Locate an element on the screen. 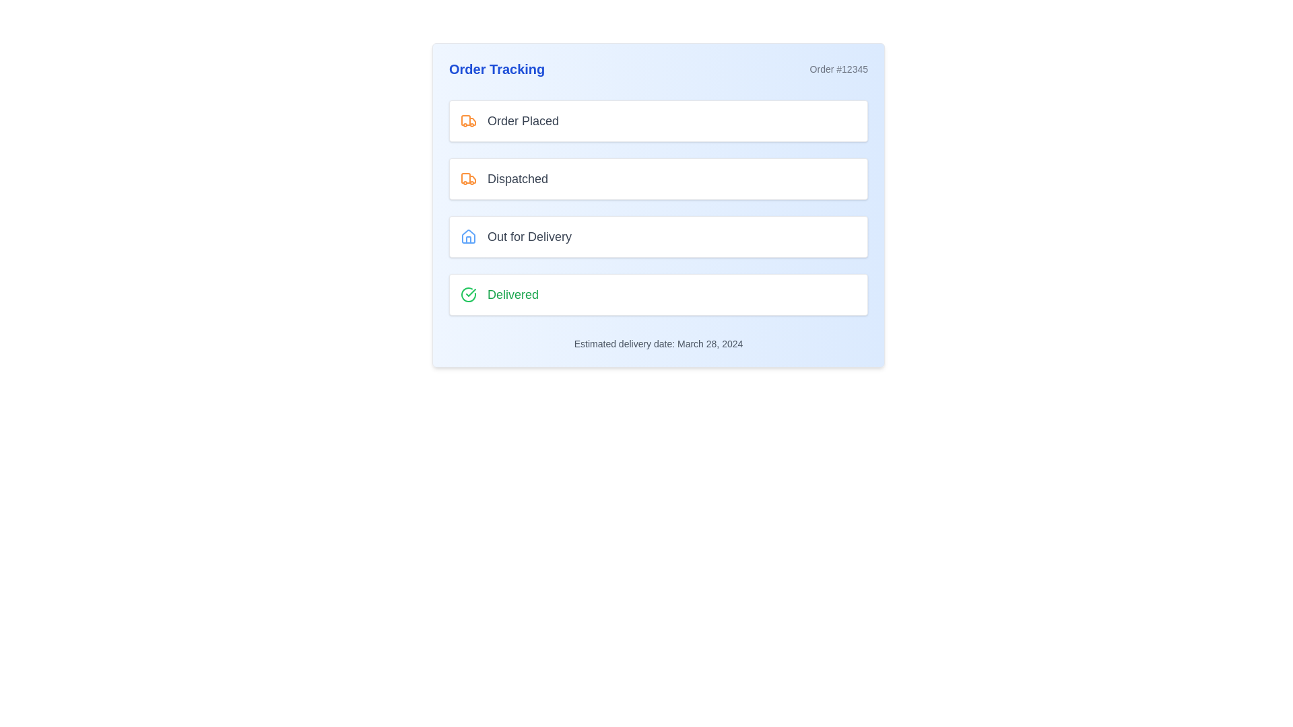 The height and width of the screenshot is (727, 1293). information displayed in the text label that reads 'Estimated delivery date: March 28, 2024', which is styled in light gray and located below the 'Delivered' section of the order tracking card is located at coordinates (659, 343).